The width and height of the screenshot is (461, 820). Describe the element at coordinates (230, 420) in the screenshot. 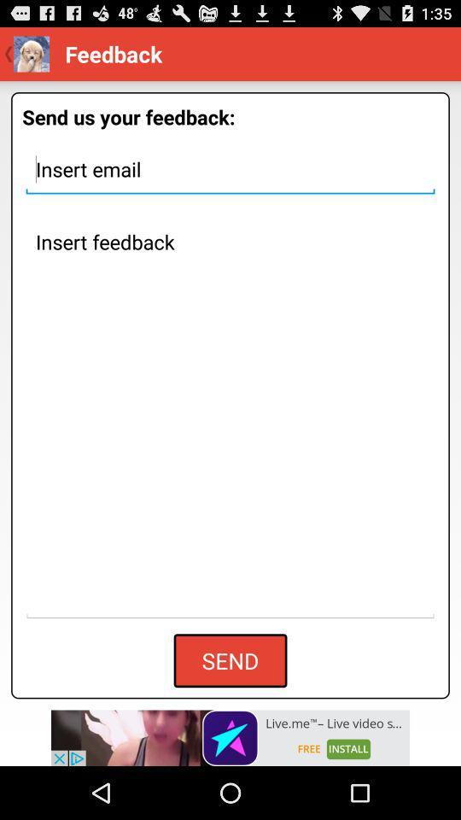

I see `insert feedback` at that location.